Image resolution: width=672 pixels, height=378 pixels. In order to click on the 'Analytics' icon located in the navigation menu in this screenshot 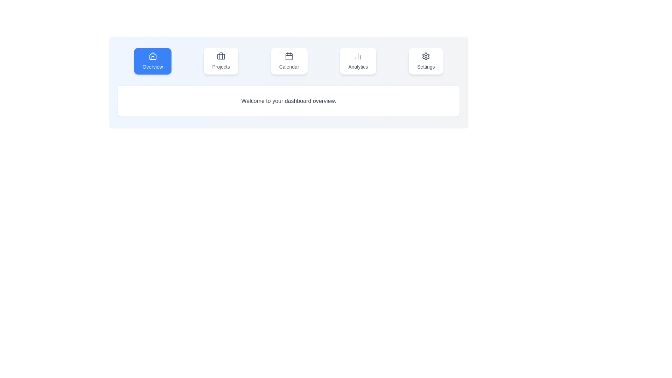, I will do `click(358, 56)`.